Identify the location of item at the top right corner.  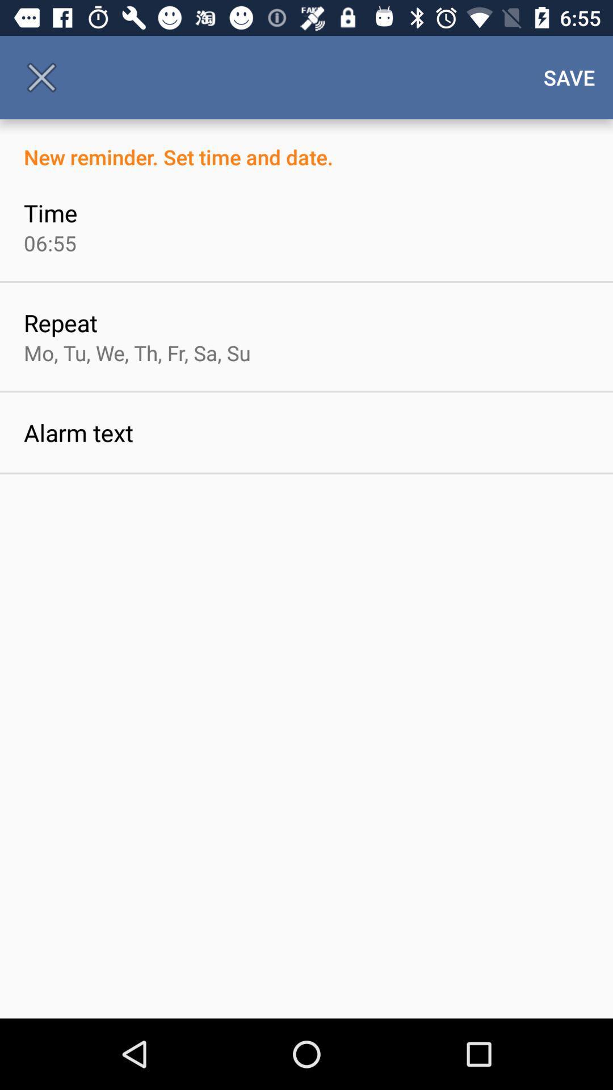
(569, 77).